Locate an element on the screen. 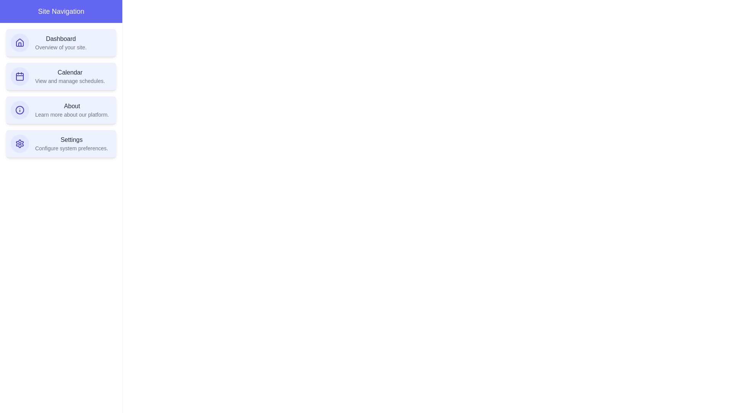 This screenshot has width=734, height=413. the navigation item Calendar to observe its hover state is located at coordinates (60, 76).